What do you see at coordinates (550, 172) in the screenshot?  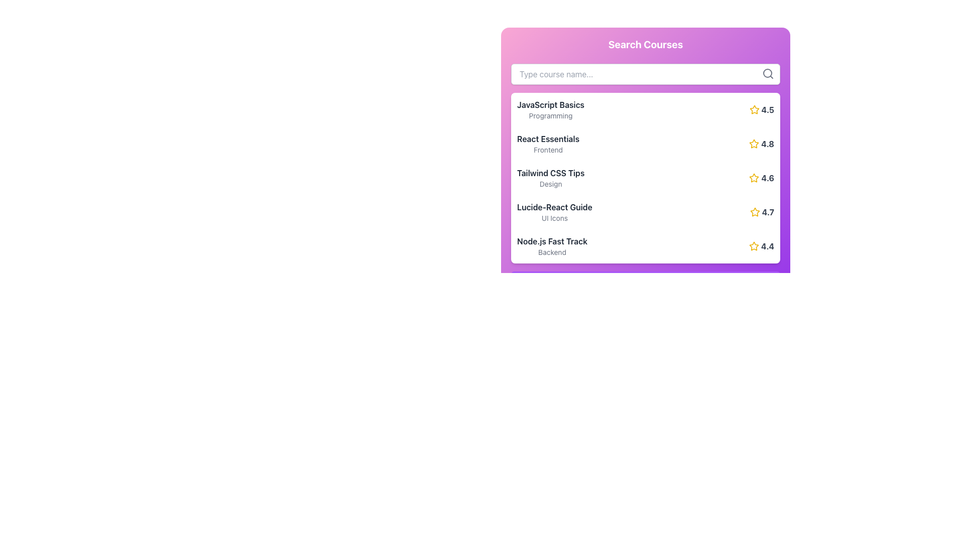 I see `text label indicating the course topic 'Tailwind CSS Tips' located in the middle-left section of the UI card under the heading 'Search Courses'` at bounding box center [550, 172].